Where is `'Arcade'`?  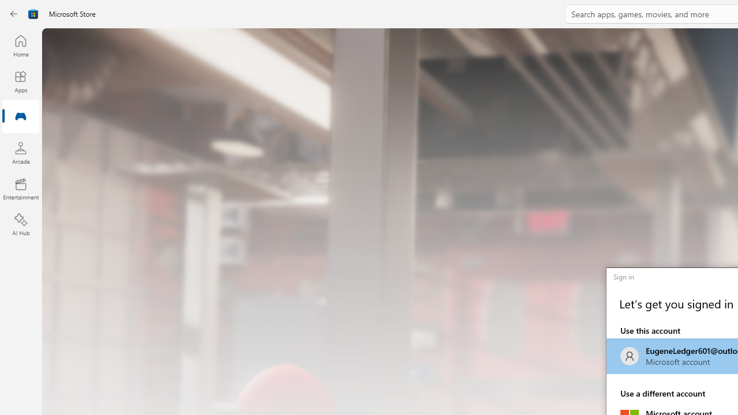 'Arcade' is located at coordinates (20, 152).